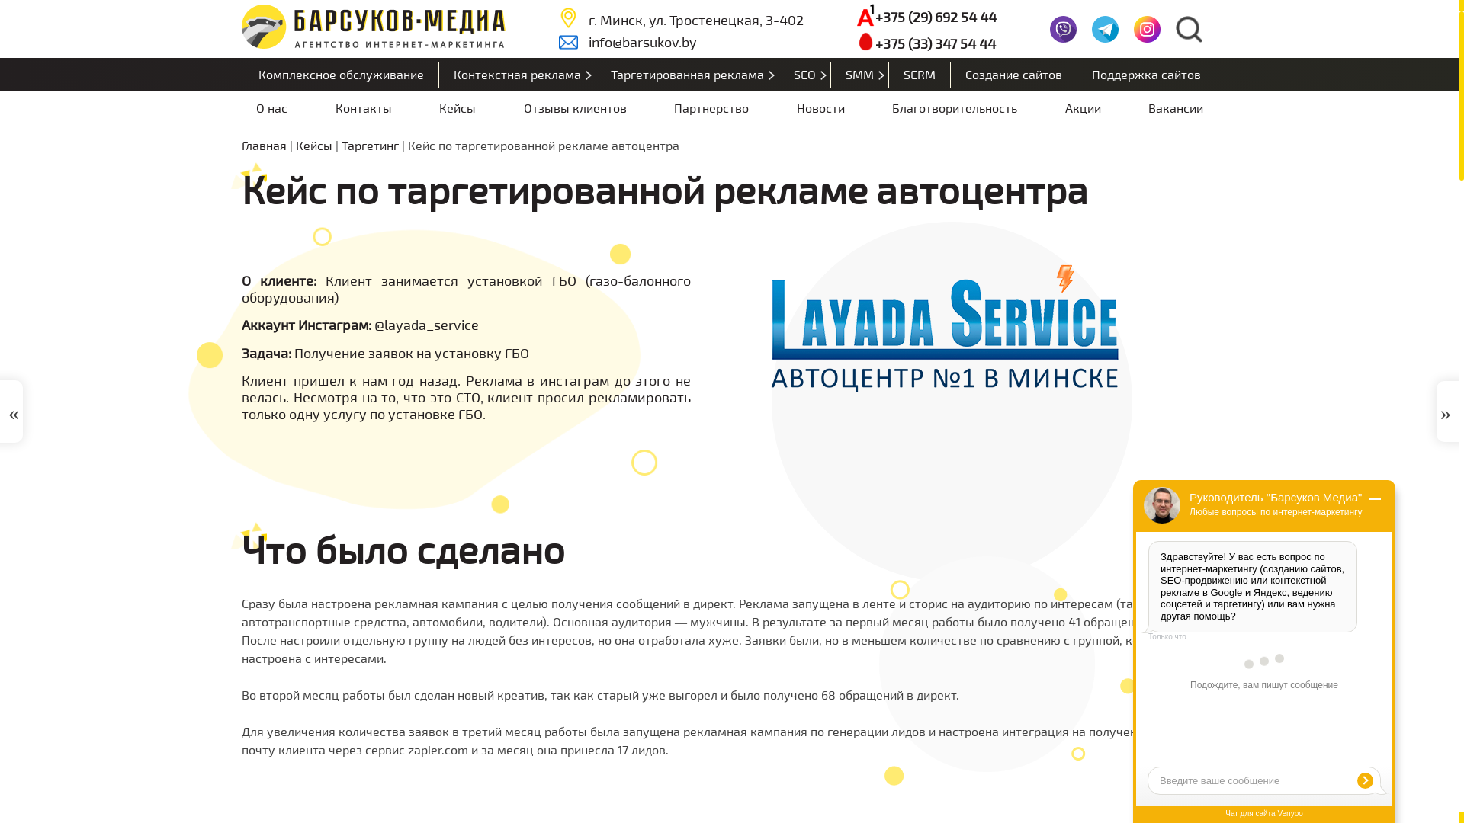 Image resolution: width=1464 pixels, height=823 pixels. What do you see at coordinates (830, 74) in the screenshot?
I see `'SMM'` at bounding box center [830, 74].